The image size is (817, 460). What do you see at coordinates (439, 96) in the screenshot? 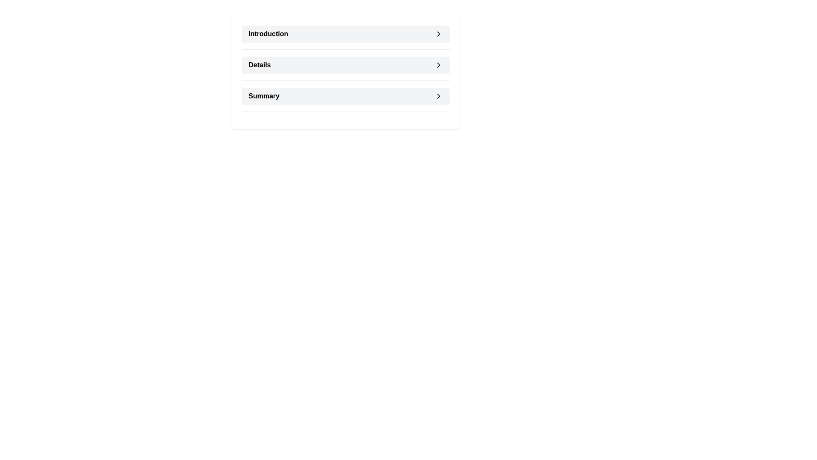
I see `the chevron icon located at the right side of the 'Summary' button` at bounding box center [439, 96].